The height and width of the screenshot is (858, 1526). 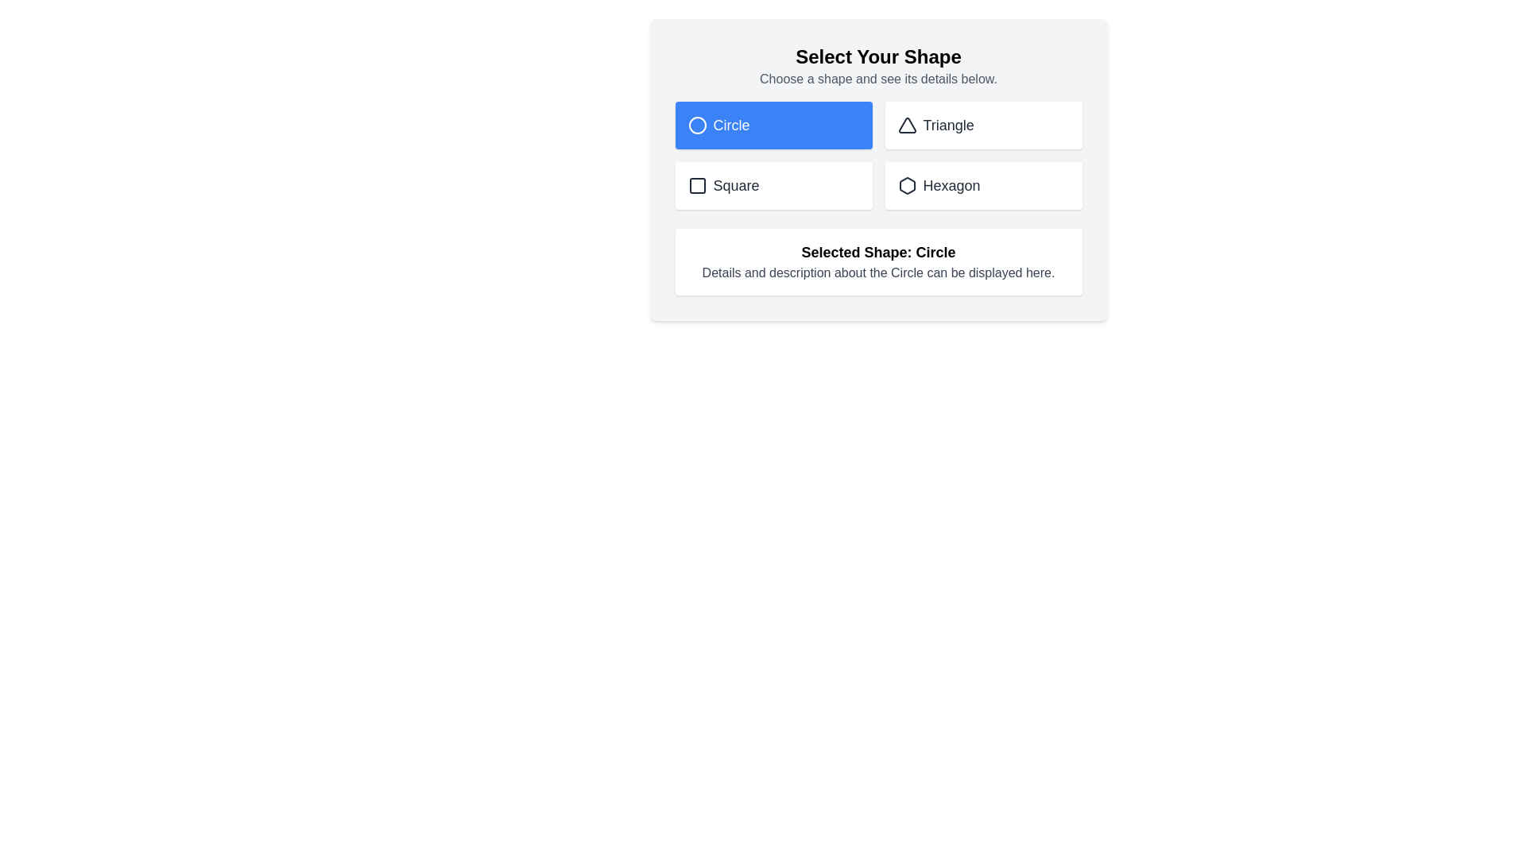 What do you see at coordinates (773, 185) in the screenshot?
I see `the 'Square' button located in the second row, first column of the grid layout` at bounding box center [773, 185].